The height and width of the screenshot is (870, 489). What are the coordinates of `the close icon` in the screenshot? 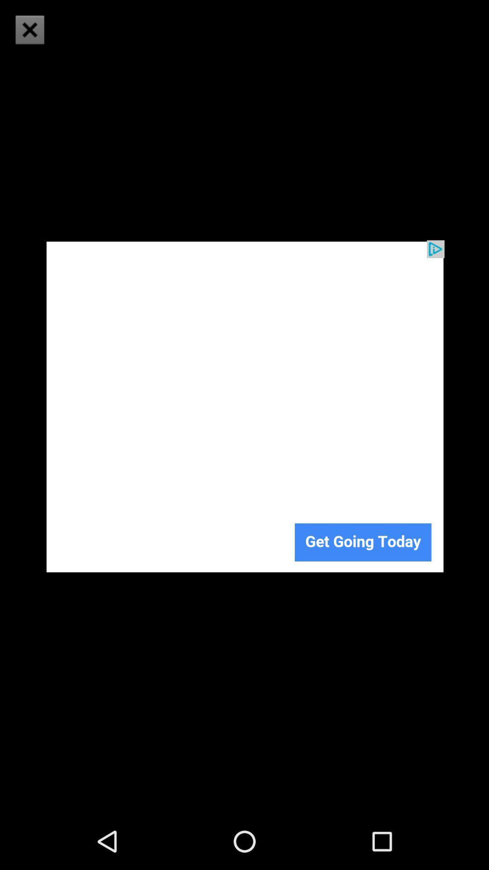 It's located at (29, 32).